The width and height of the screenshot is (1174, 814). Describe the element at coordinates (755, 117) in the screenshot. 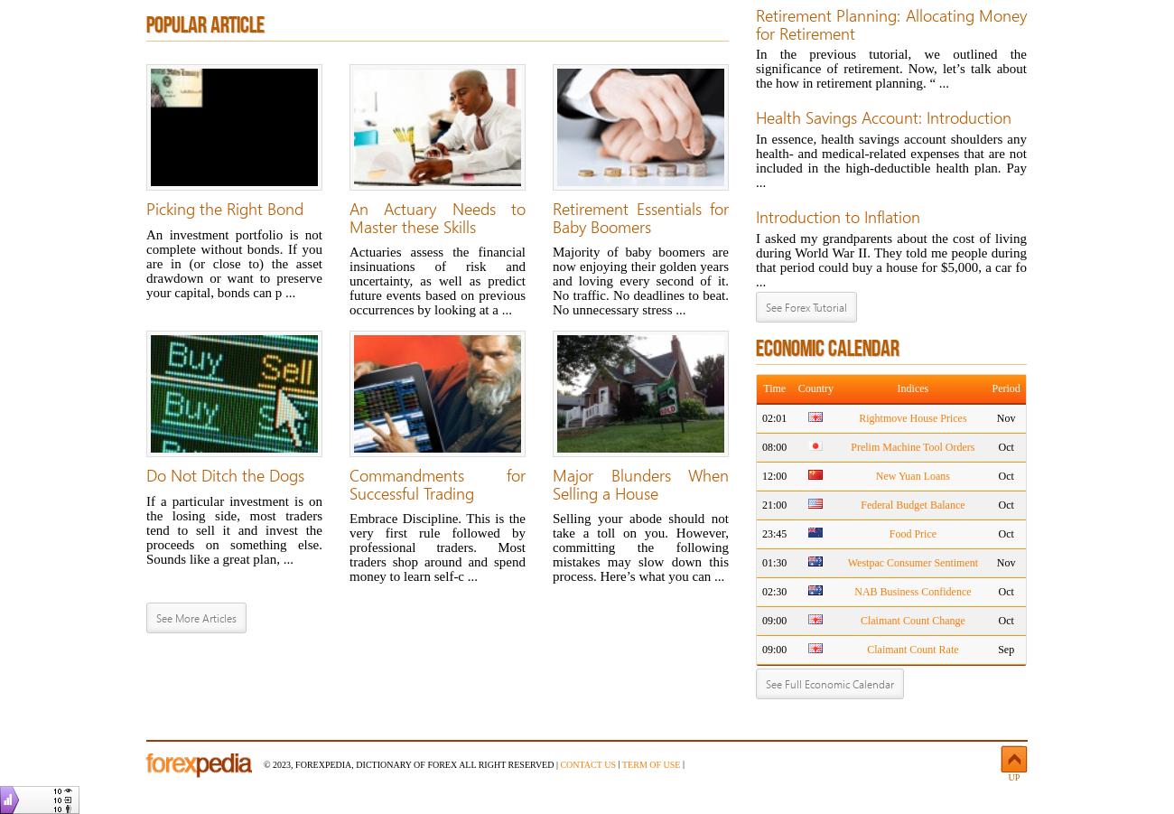

I see `'Health Savings Account: Introduction'` at that location.